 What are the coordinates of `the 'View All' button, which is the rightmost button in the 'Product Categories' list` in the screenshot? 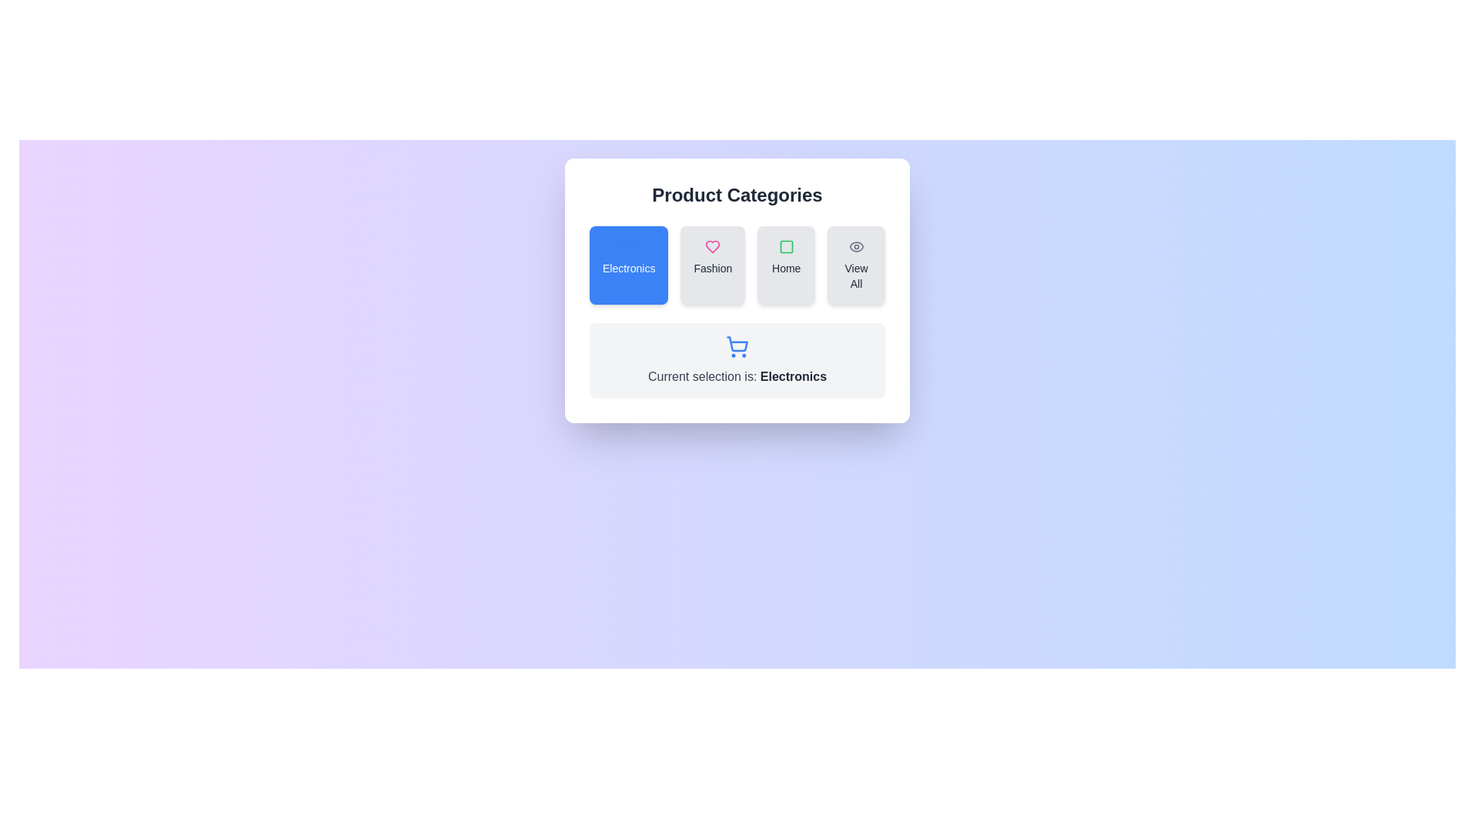 It's located at (855, 264).